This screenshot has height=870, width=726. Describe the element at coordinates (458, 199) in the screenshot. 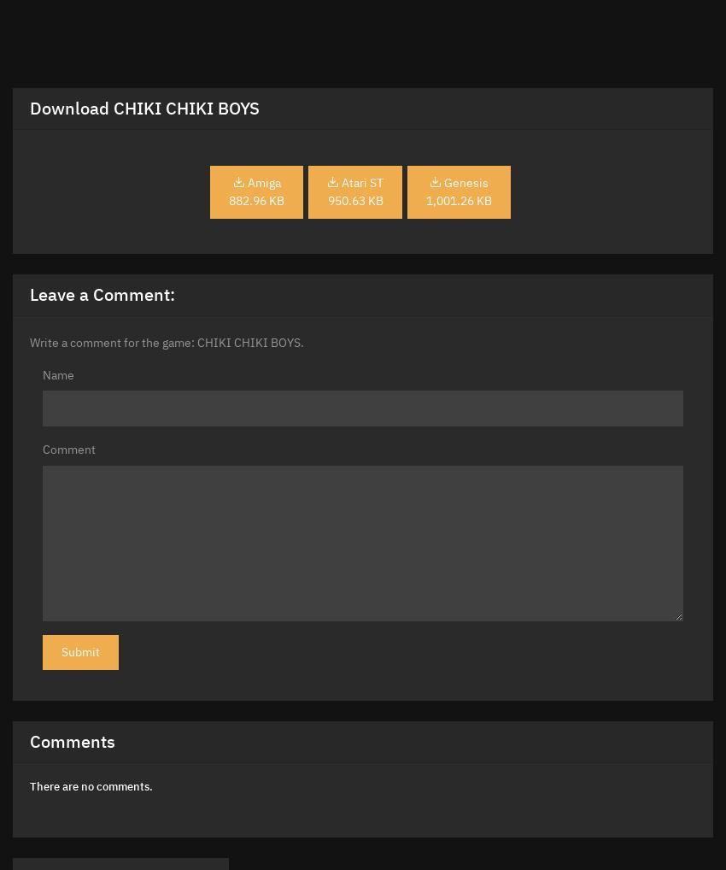

I see `'1,001.26 KB'` at that location.